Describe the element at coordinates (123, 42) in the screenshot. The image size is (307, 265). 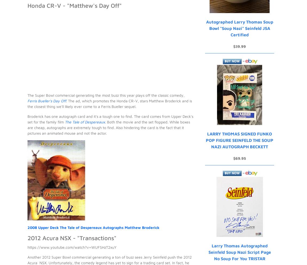
I see `'His collecting origins began with winter bike rides to the corner store, tossing a couple of quarters onto the counter and peddling home with a couple packs of O-Pee-Chee hockey in his pocket. Today, he continues to build sets, go after inserts with cool technologies, chase Montreal Expos and finish off his John Jaha master collection.'` at that location.